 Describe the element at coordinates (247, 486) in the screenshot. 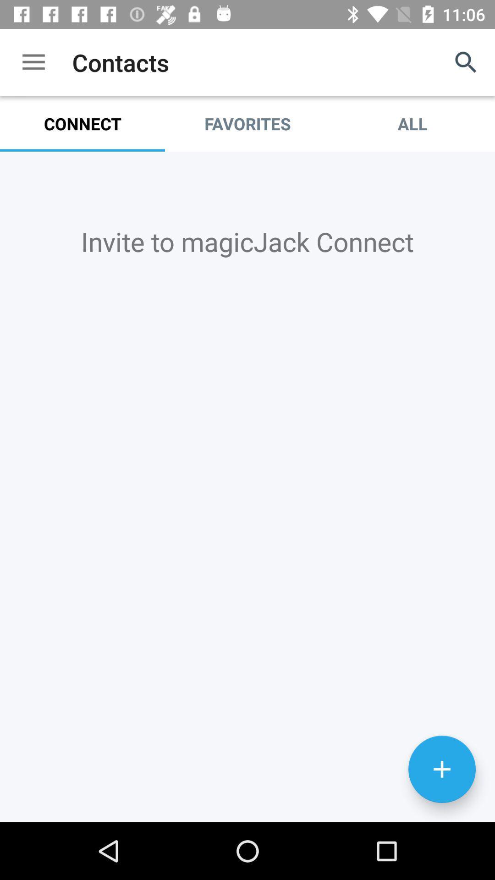

I see `invite to magicjack connect` at that location.